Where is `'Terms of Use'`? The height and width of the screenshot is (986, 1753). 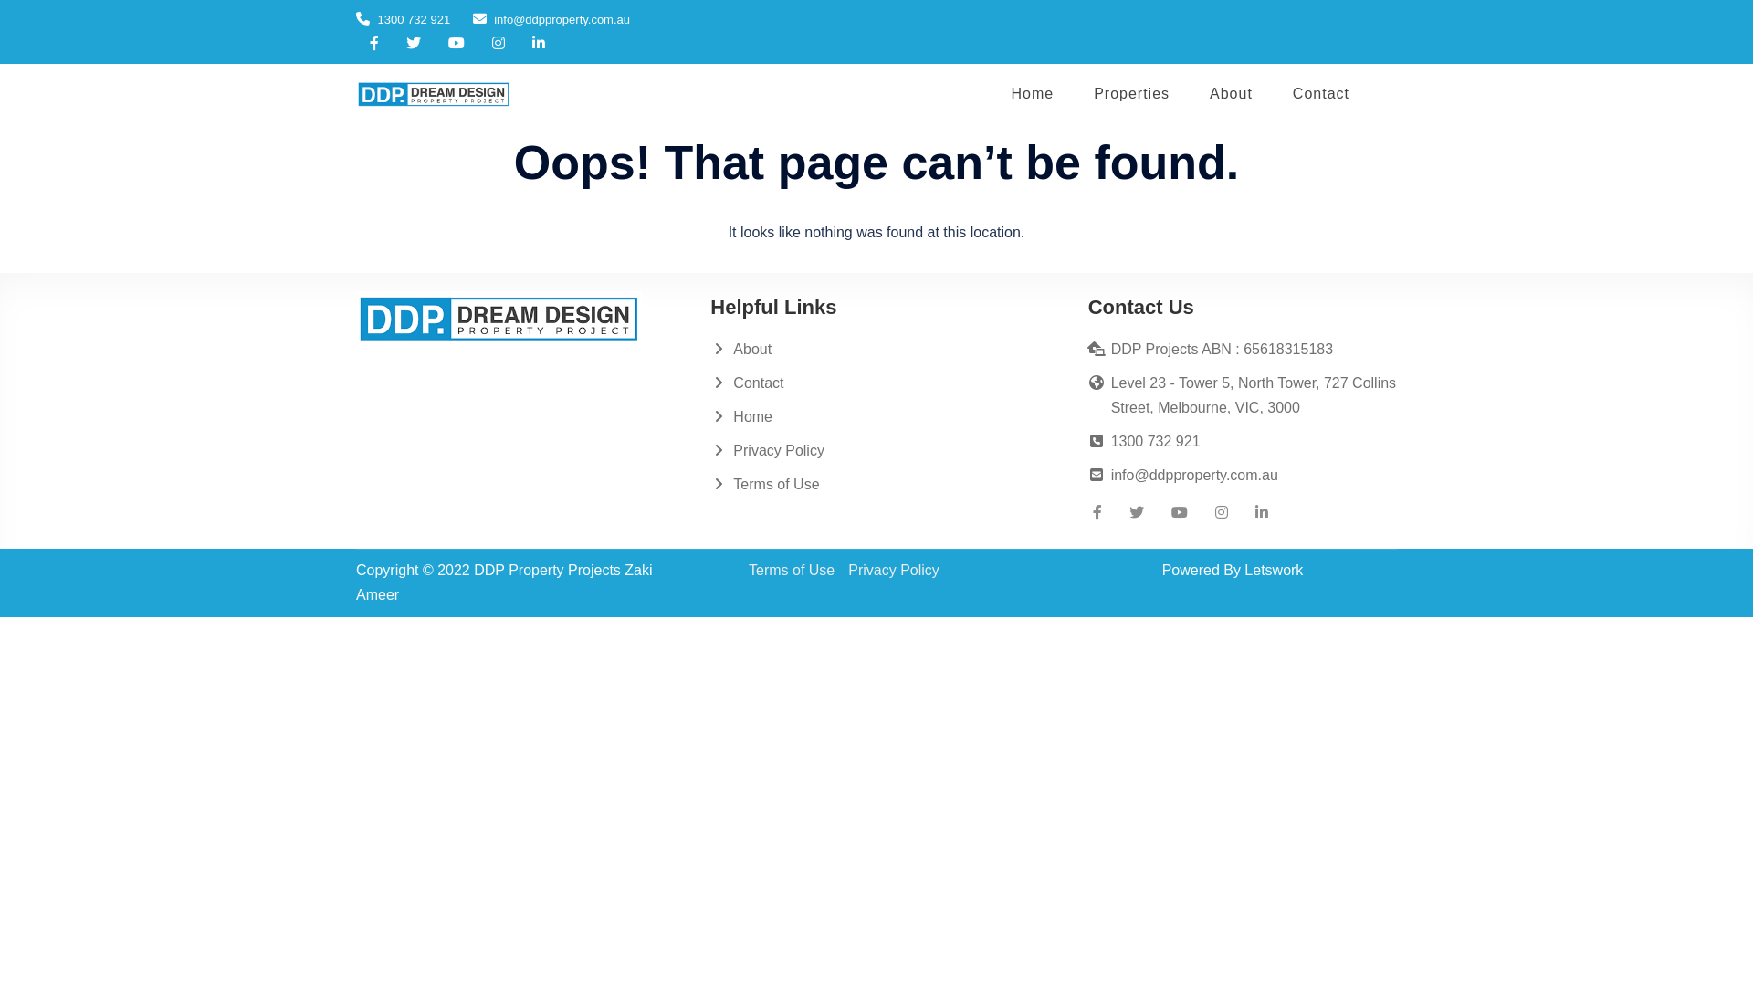
'Terms of Use' is located at coordinates (749, 569).